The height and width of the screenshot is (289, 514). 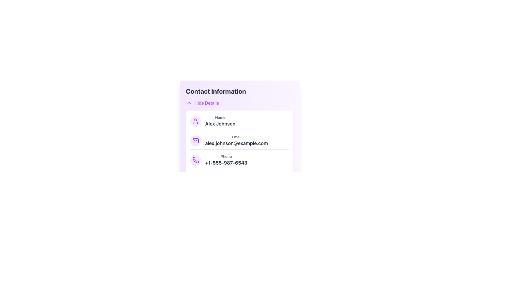 What do you see at coordinates (195, 121) in the screenshot?
I see `the user icon representing Alex Johnson, located to the left of the 'Name' label` at bounding box center [195, 121].